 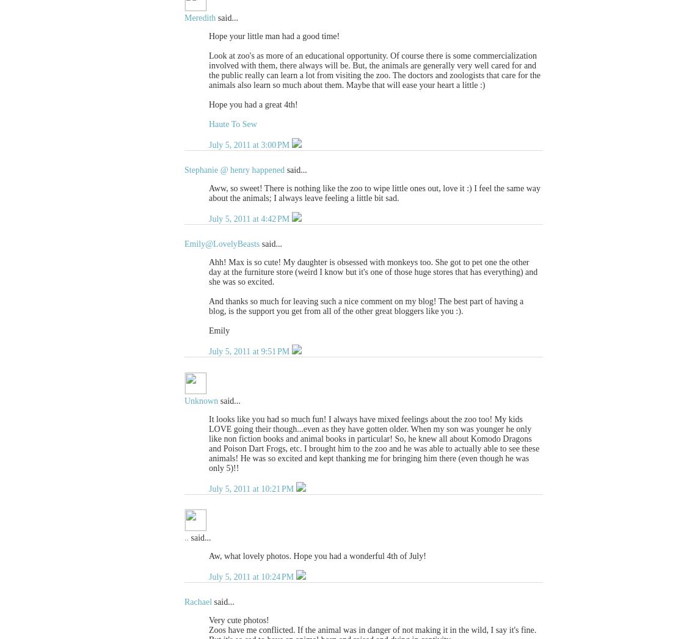 What do you see at coordinates (200, 17) in the screenshot?
I see `'Meredith'` at bounding box center [200, 17].